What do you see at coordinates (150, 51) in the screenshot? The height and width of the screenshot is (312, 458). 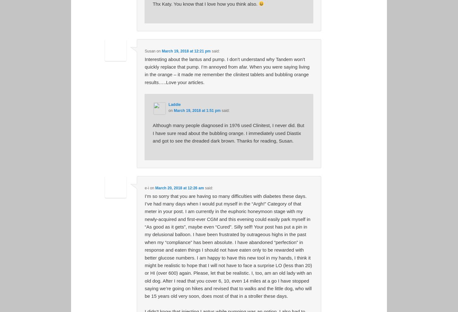 I see `'Susan'` at bounding box center [150, 51].